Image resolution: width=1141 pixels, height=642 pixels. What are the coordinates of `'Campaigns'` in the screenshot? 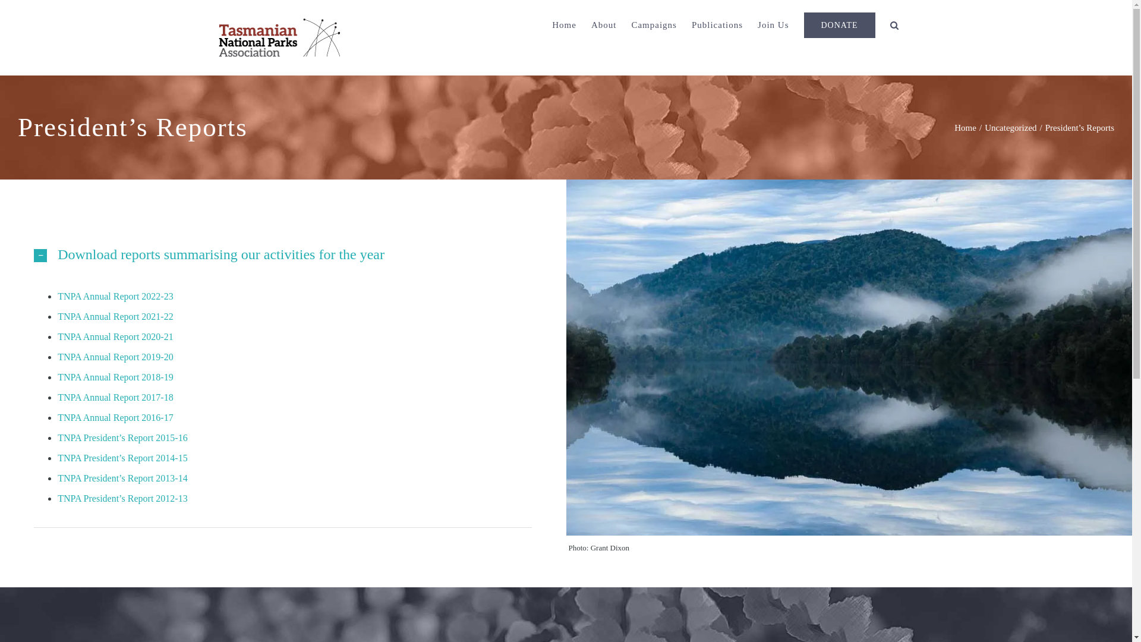 It's located at (653, 25).